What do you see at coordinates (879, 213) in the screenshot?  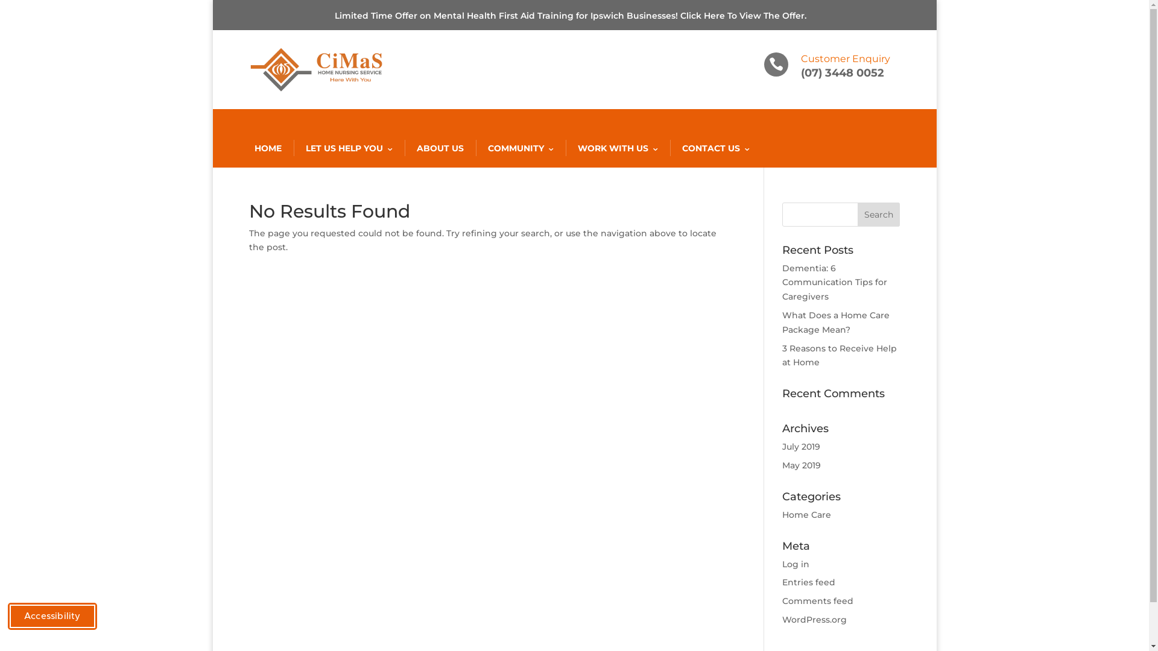 I see `'Search'` at bounding box center [879, 213].